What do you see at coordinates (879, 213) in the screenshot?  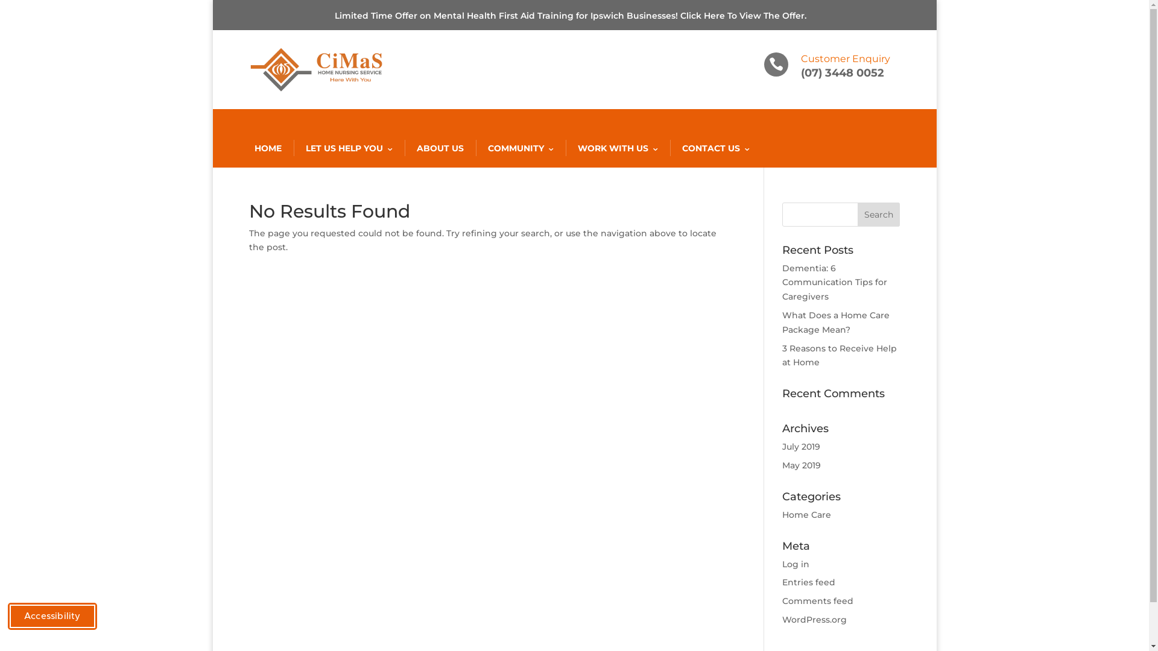 I see `'Search'` at bounding box center [879, 213].